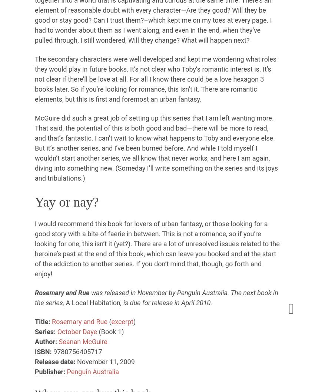 The width and height of the screenshot is (315, 392). Describe the element at coordinates (34, 371) in the screenshot. I see `'Publisher:'` at that location.